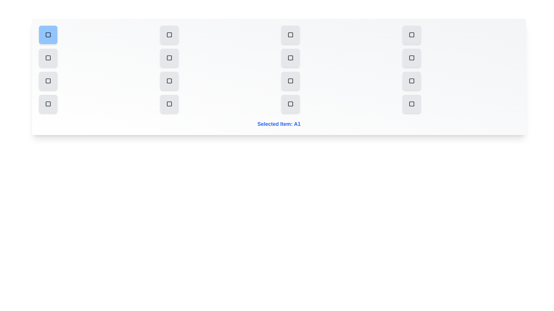  What do you see at coordinates (291, 35) in the screenshot?
I see `the grid item A3 to select it` at bounding box center [291, 35].